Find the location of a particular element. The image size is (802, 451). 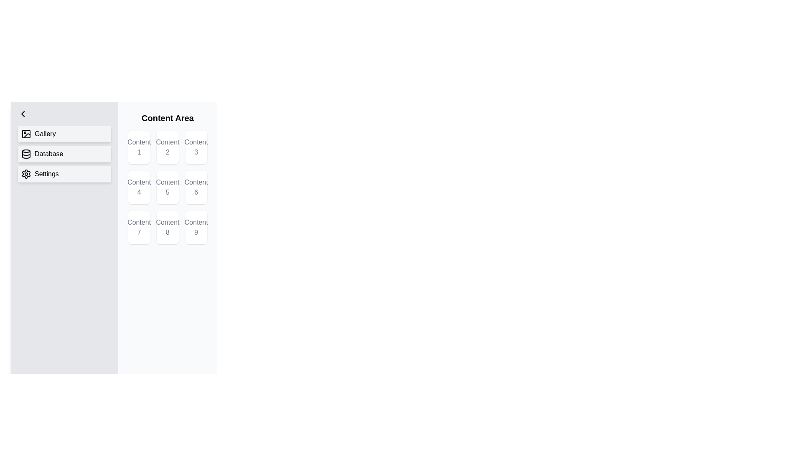

the button with a leftward chevron icon located in the top-left section of the interface is located at coordinates (23, 114).